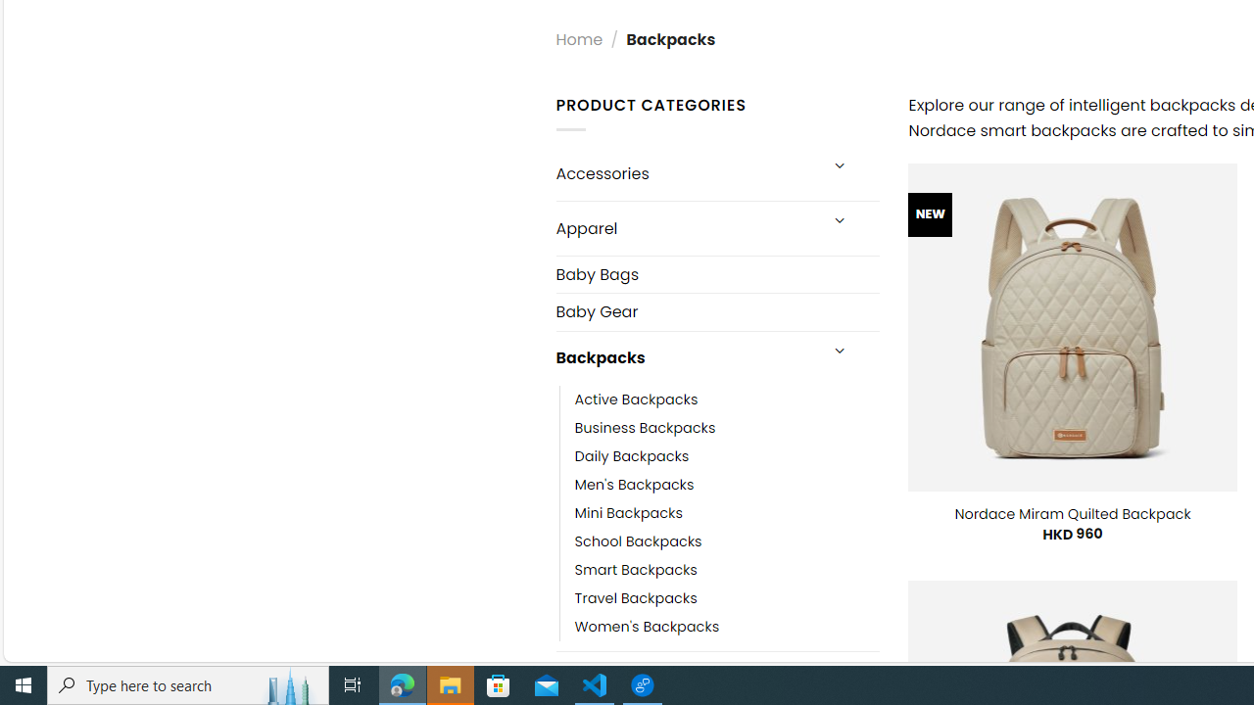  What do you see at coordinates (716, 274) in the screenshot?
I see `'Baby Bags'` at bounding box center [716, 274].